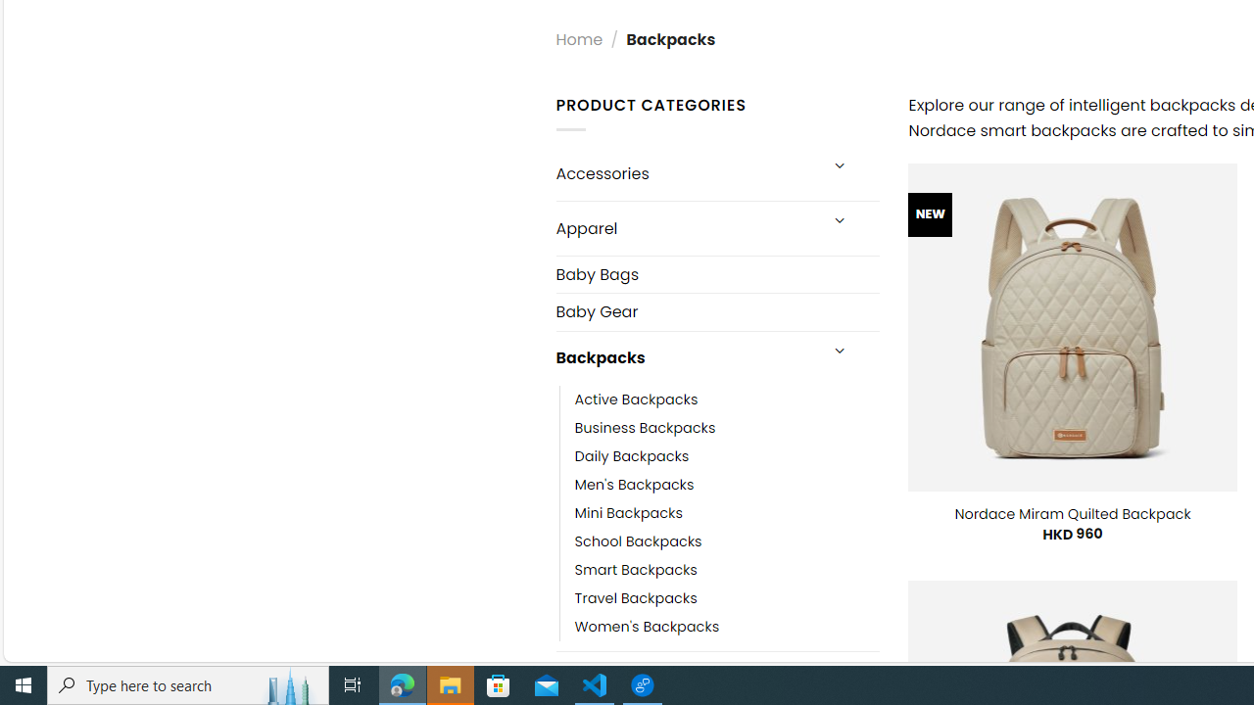  What do you see at coordinates (716, 274) in the screenshot?
I see `'Baby Bags'` at bounding box center [716, 274].